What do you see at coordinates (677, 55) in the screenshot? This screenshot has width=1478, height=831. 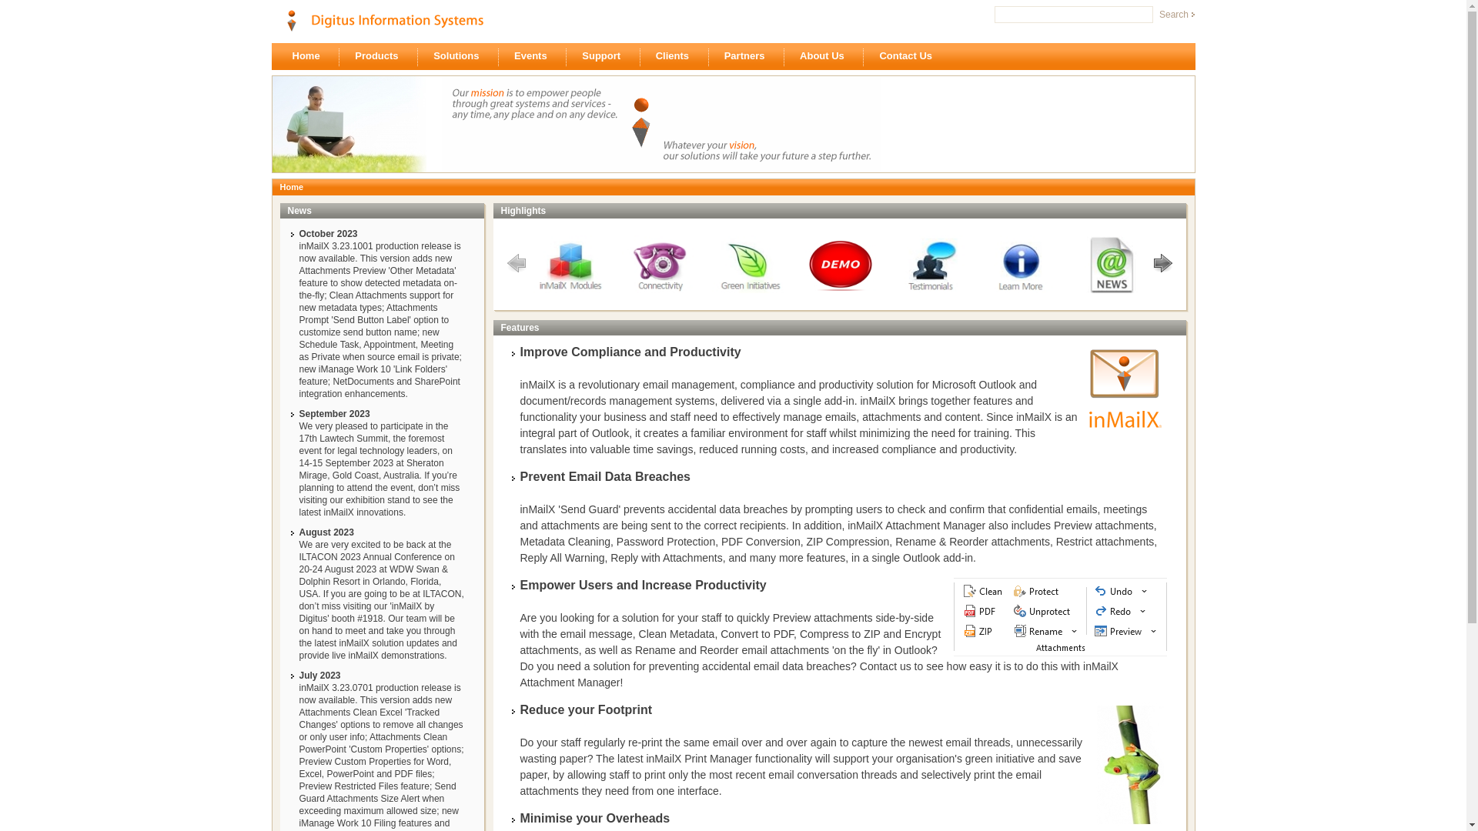 I see `'Clients'` at bounding box center [677, 55].